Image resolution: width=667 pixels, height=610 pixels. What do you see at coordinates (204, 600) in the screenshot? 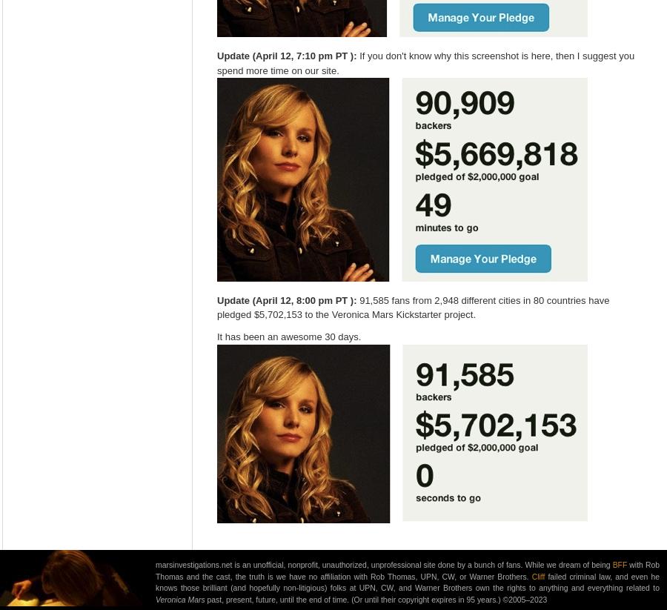
I see `'past, present, future, until the end of time. (Or until their copyright expires in 95 years.)  ©2005–2023'` at bounding box center [204, 600].